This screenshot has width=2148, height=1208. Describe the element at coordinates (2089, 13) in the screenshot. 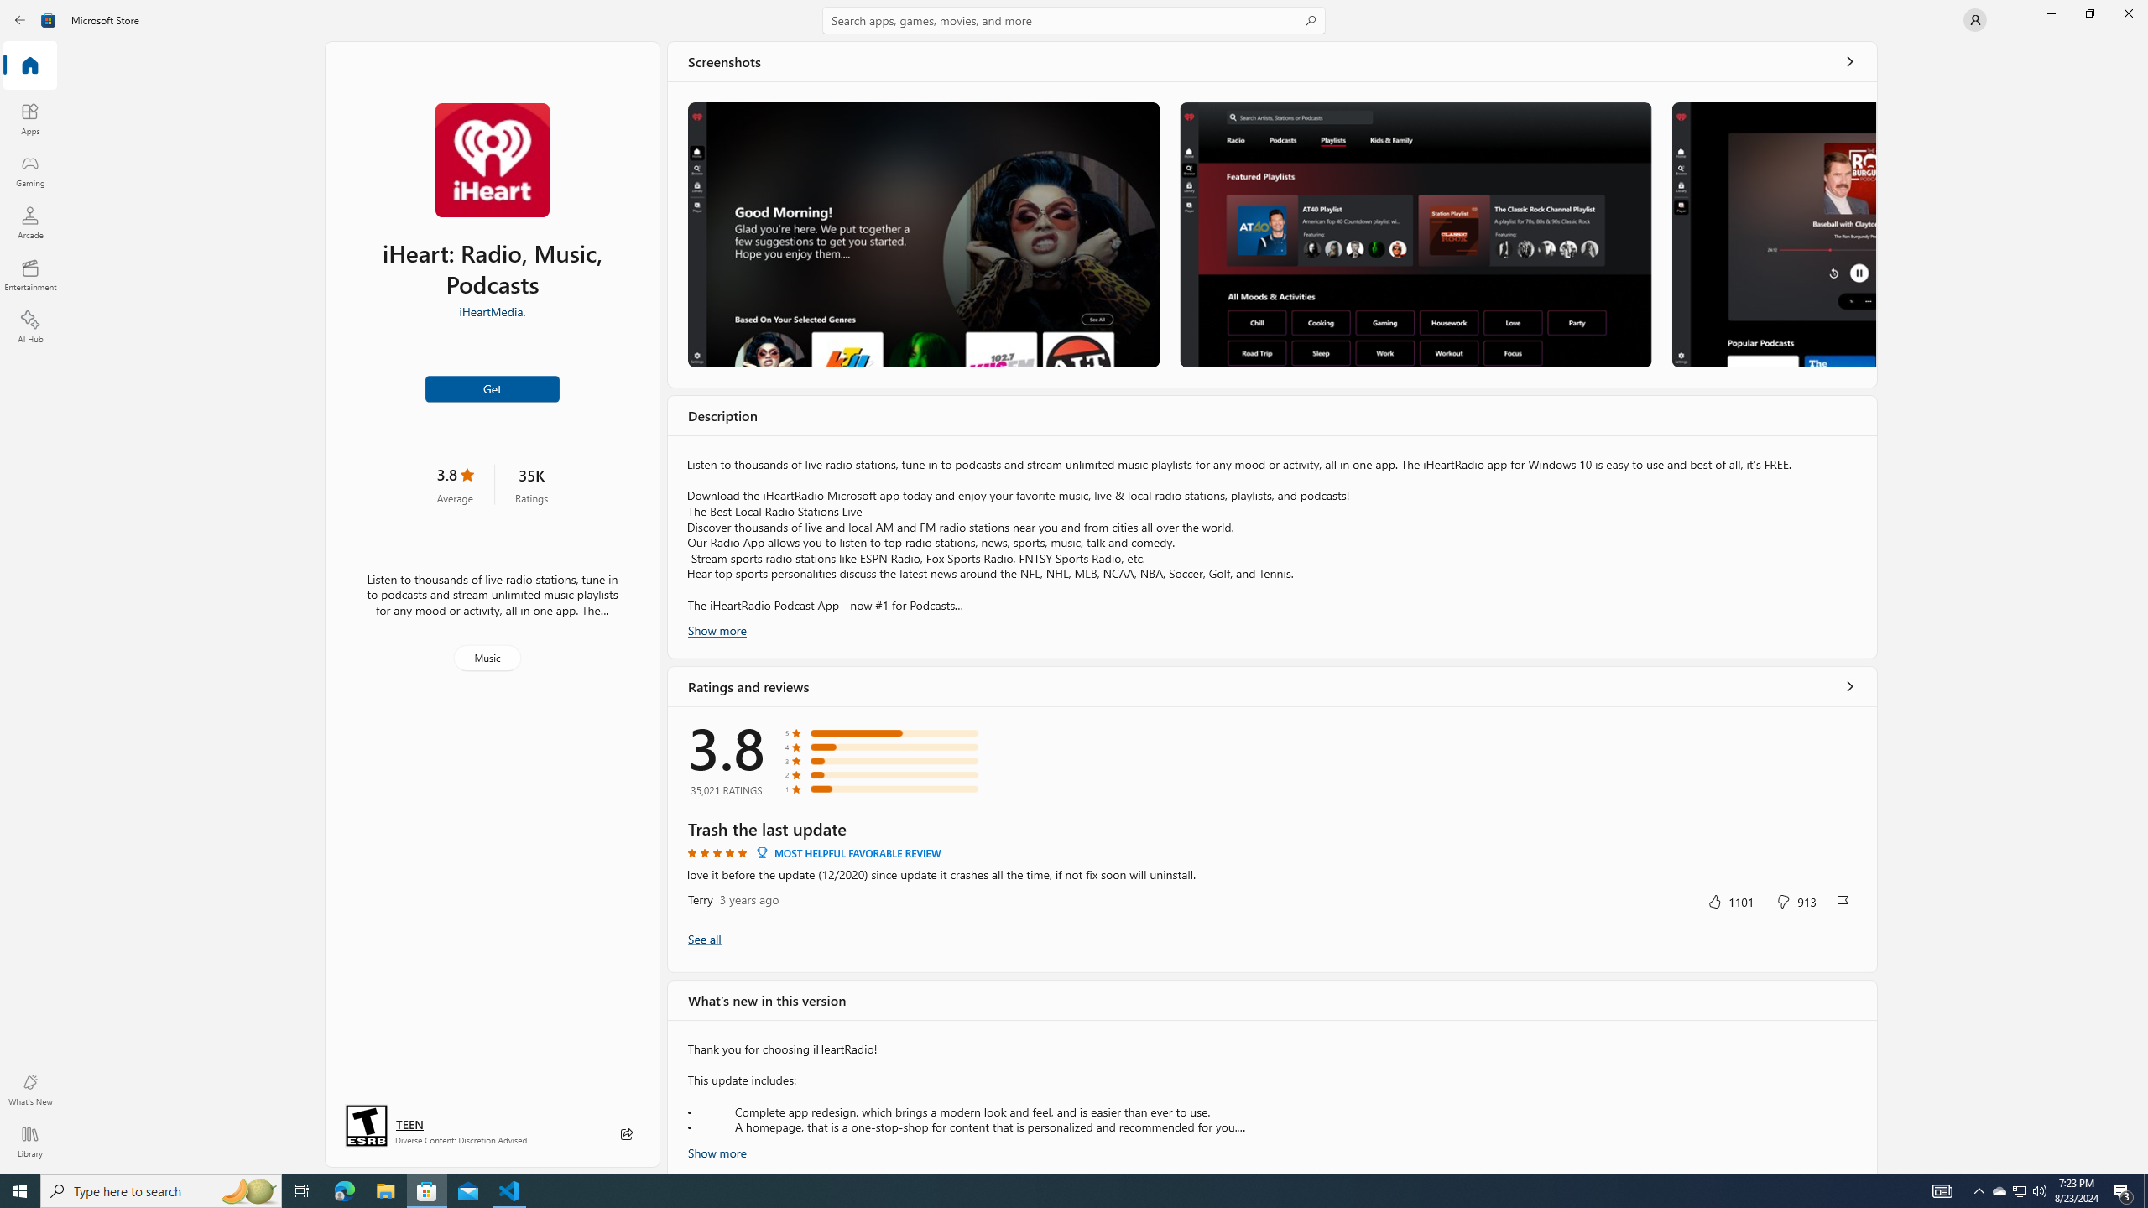

I see `'Restore Microsoft Store'` at that location.